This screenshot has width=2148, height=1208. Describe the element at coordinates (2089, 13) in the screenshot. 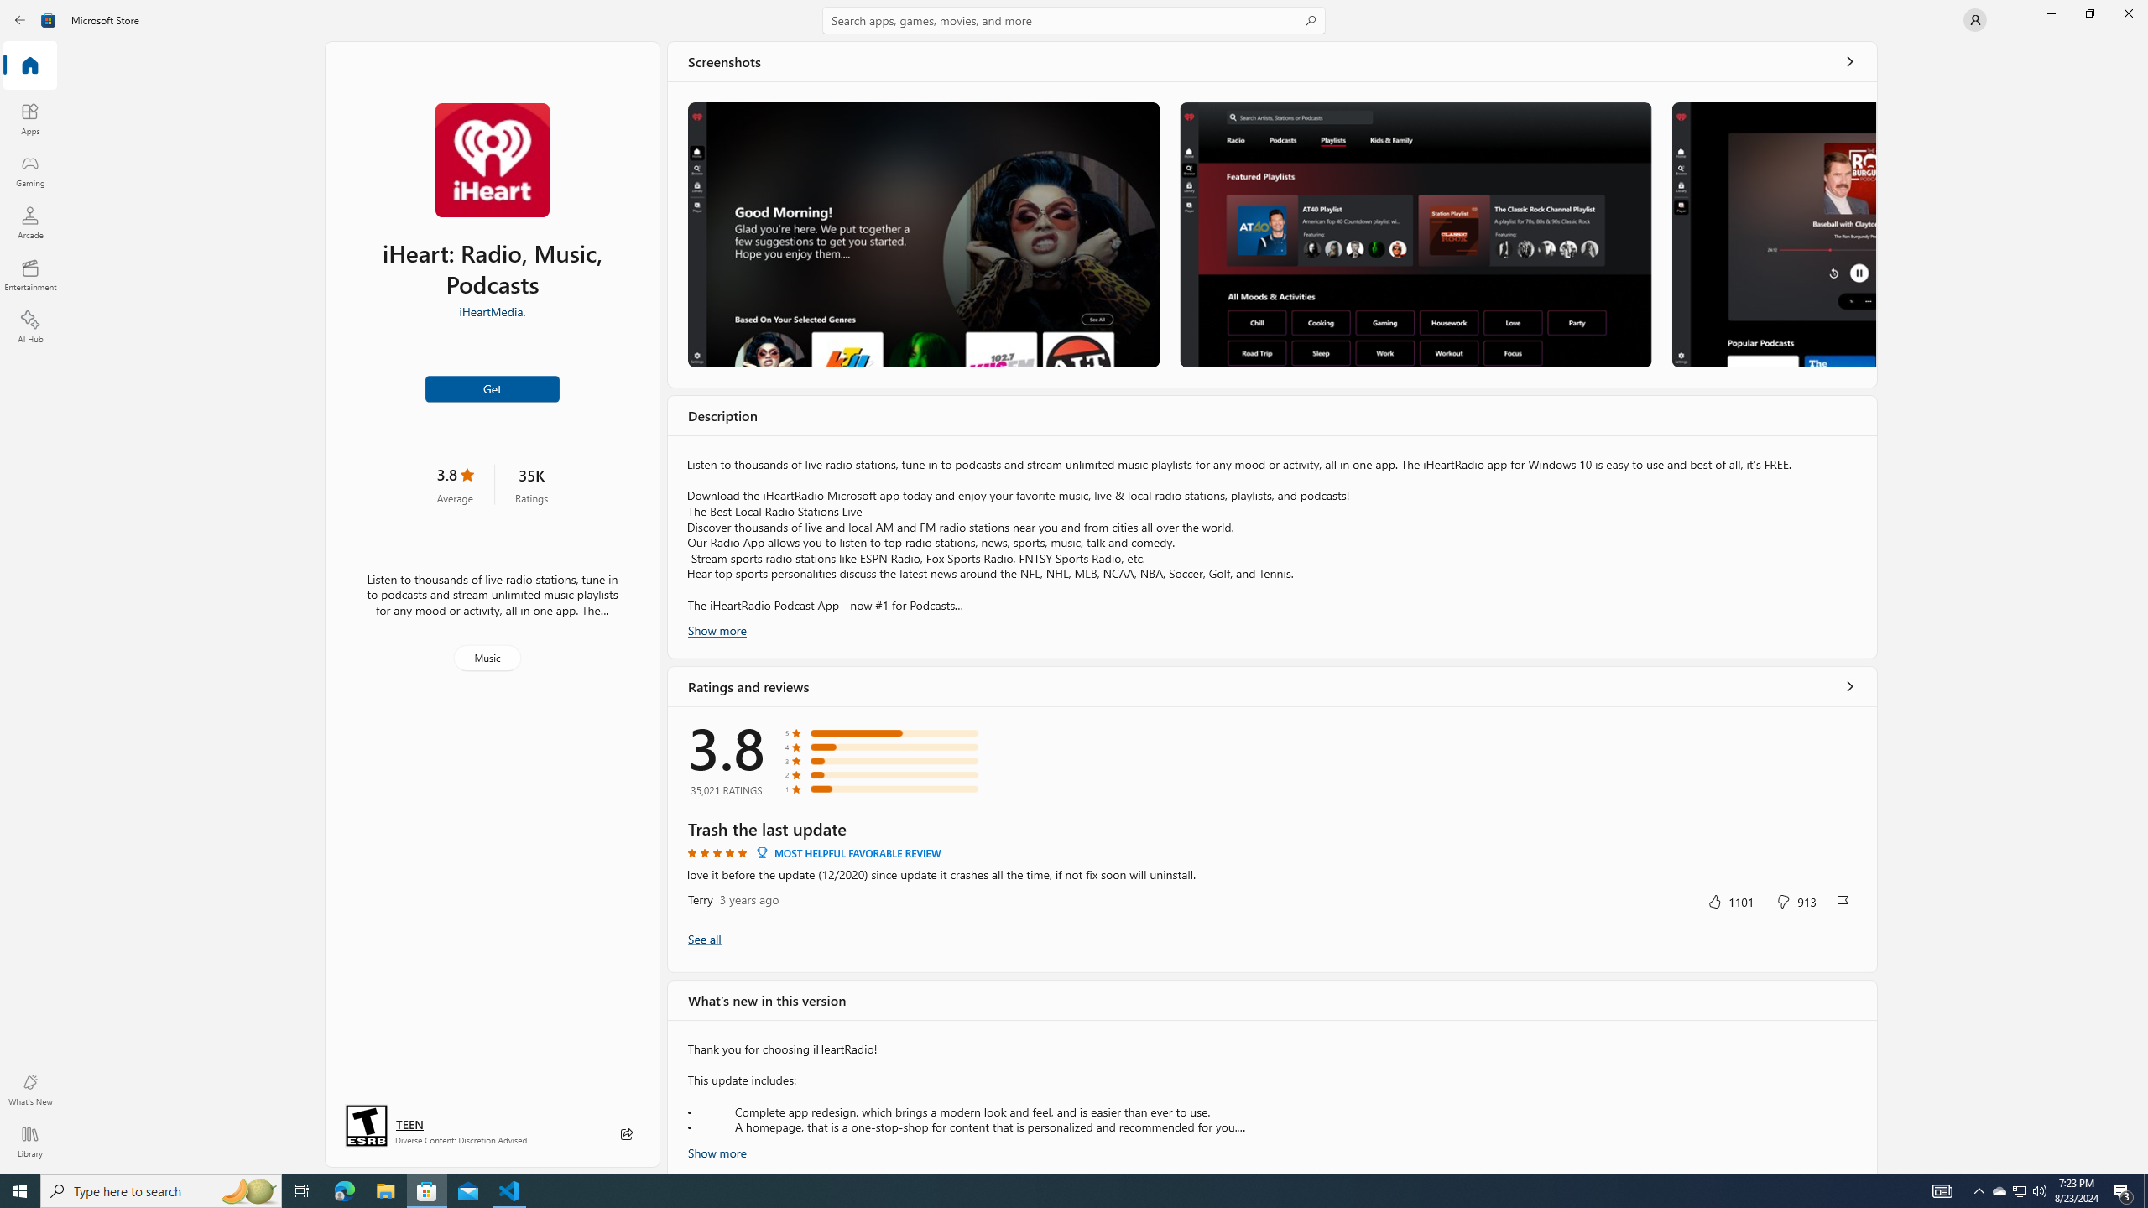

I see `'Restore Microsoft Store'` at that location.